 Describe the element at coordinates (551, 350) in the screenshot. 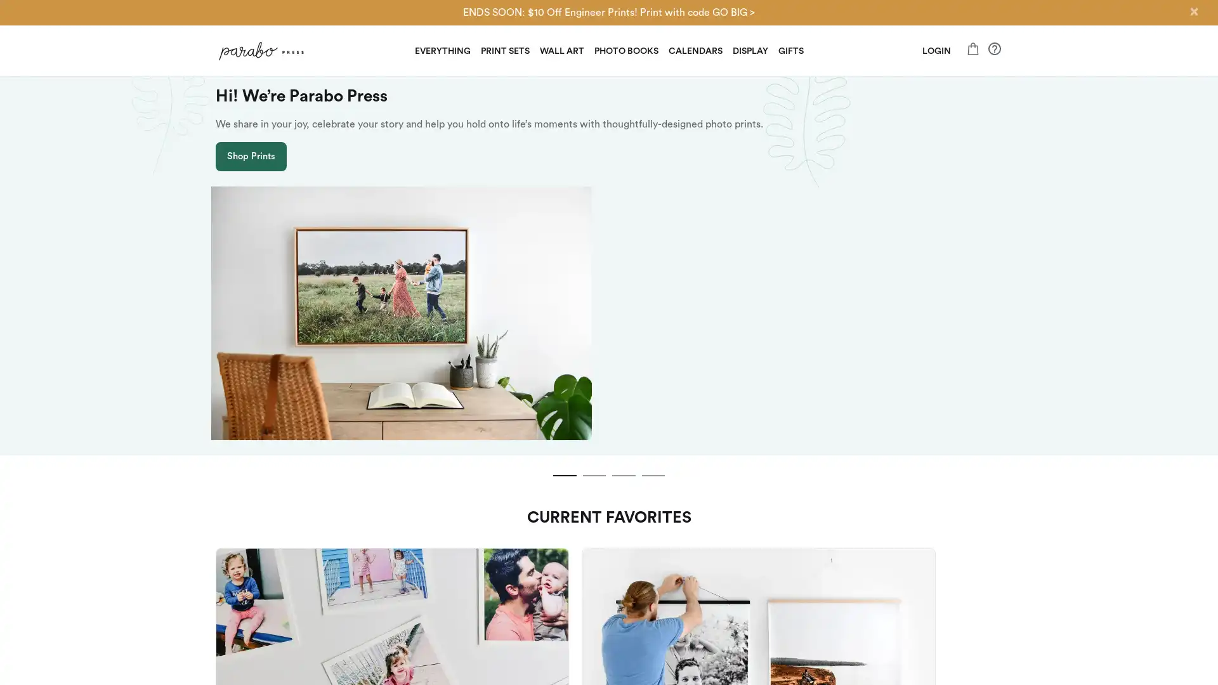

I see `slide dot` at that location.